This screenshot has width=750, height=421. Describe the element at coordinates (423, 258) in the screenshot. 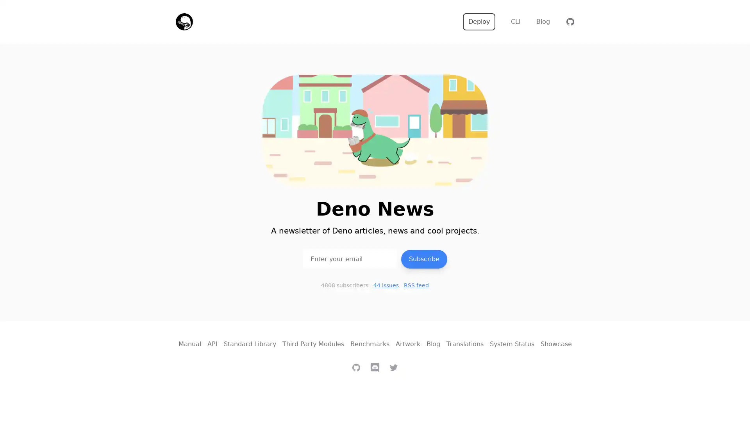

I see `Subscribe` at that location.